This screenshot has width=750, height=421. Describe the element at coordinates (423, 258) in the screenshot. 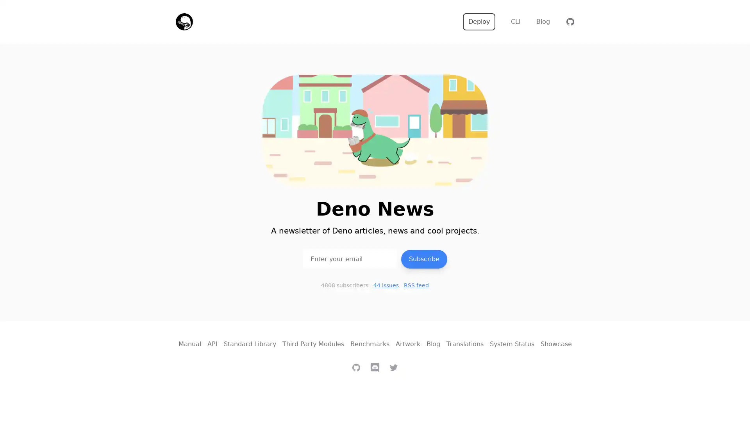

I see `Subscribe` at that location.